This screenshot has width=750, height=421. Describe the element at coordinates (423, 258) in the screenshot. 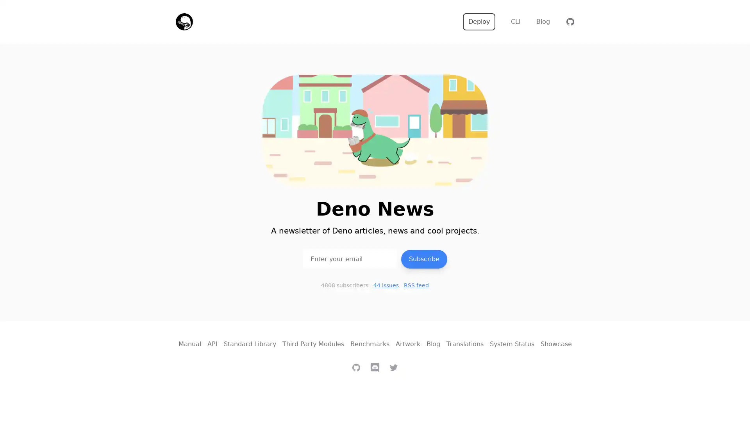

I see `Subscribe` at that location.